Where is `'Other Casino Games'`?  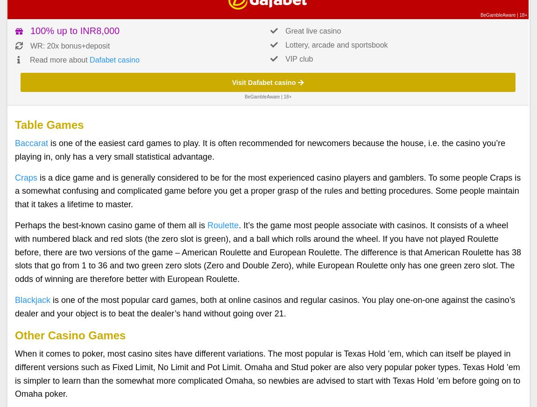
'Other Casino Games' is located at coordinates (70, 335).